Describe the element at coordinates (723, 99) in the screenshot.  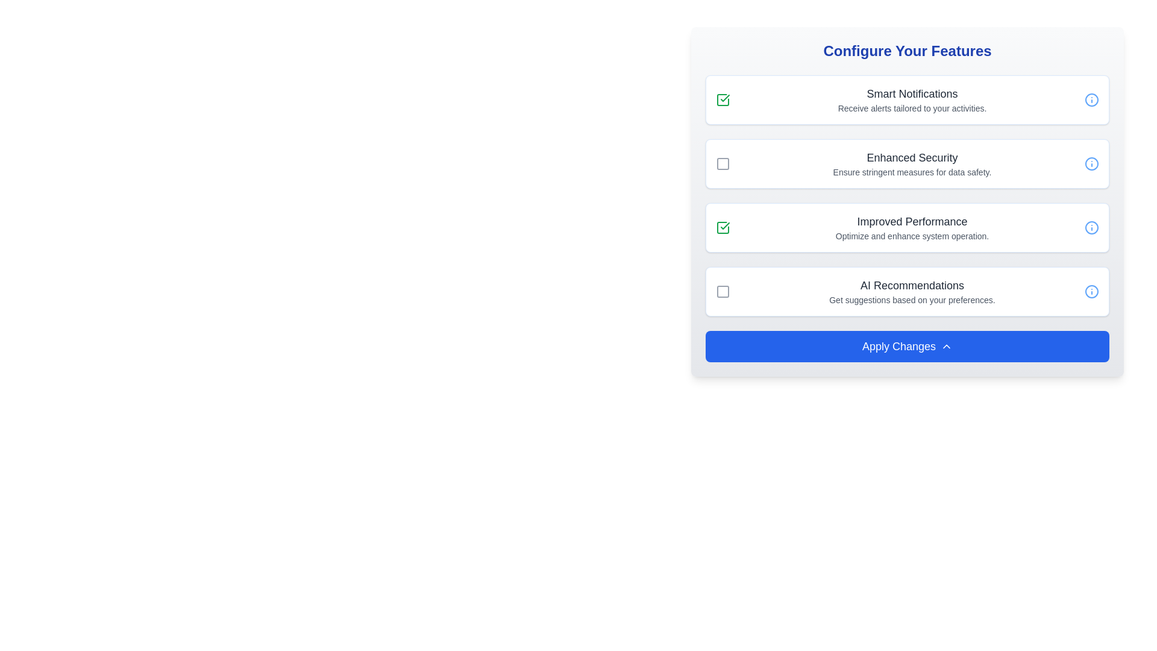
I see `the green square checkbox with a white center and checkmark inside, located in the 'Configure Your Features' panel next to 'Smart Notifications'` at that location.